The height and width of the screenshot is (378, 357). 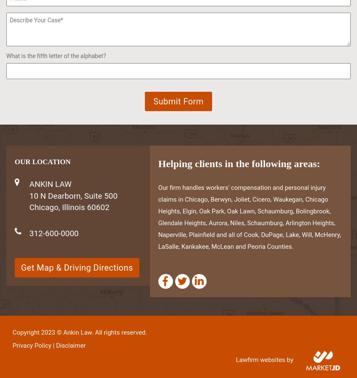 I want to click on 'Our firm handles workers' compensation and personal injury claims in Chicago, Berwyn, Joliet, Cicero, Waukegan, Chicago Heights, Elgin, Oak Park, Oak Lawn, Schaumburg, Bolingbrook, Glendale Heights, Aurora, Niles, Schaumburg, Arlington Heights, Naperville, Plainfield and all of Cook, DuPage, Lake, Will, McHenry, LaSalle, Kankakee, McLean and Peoria Counties.', so click(x=249, y=216).